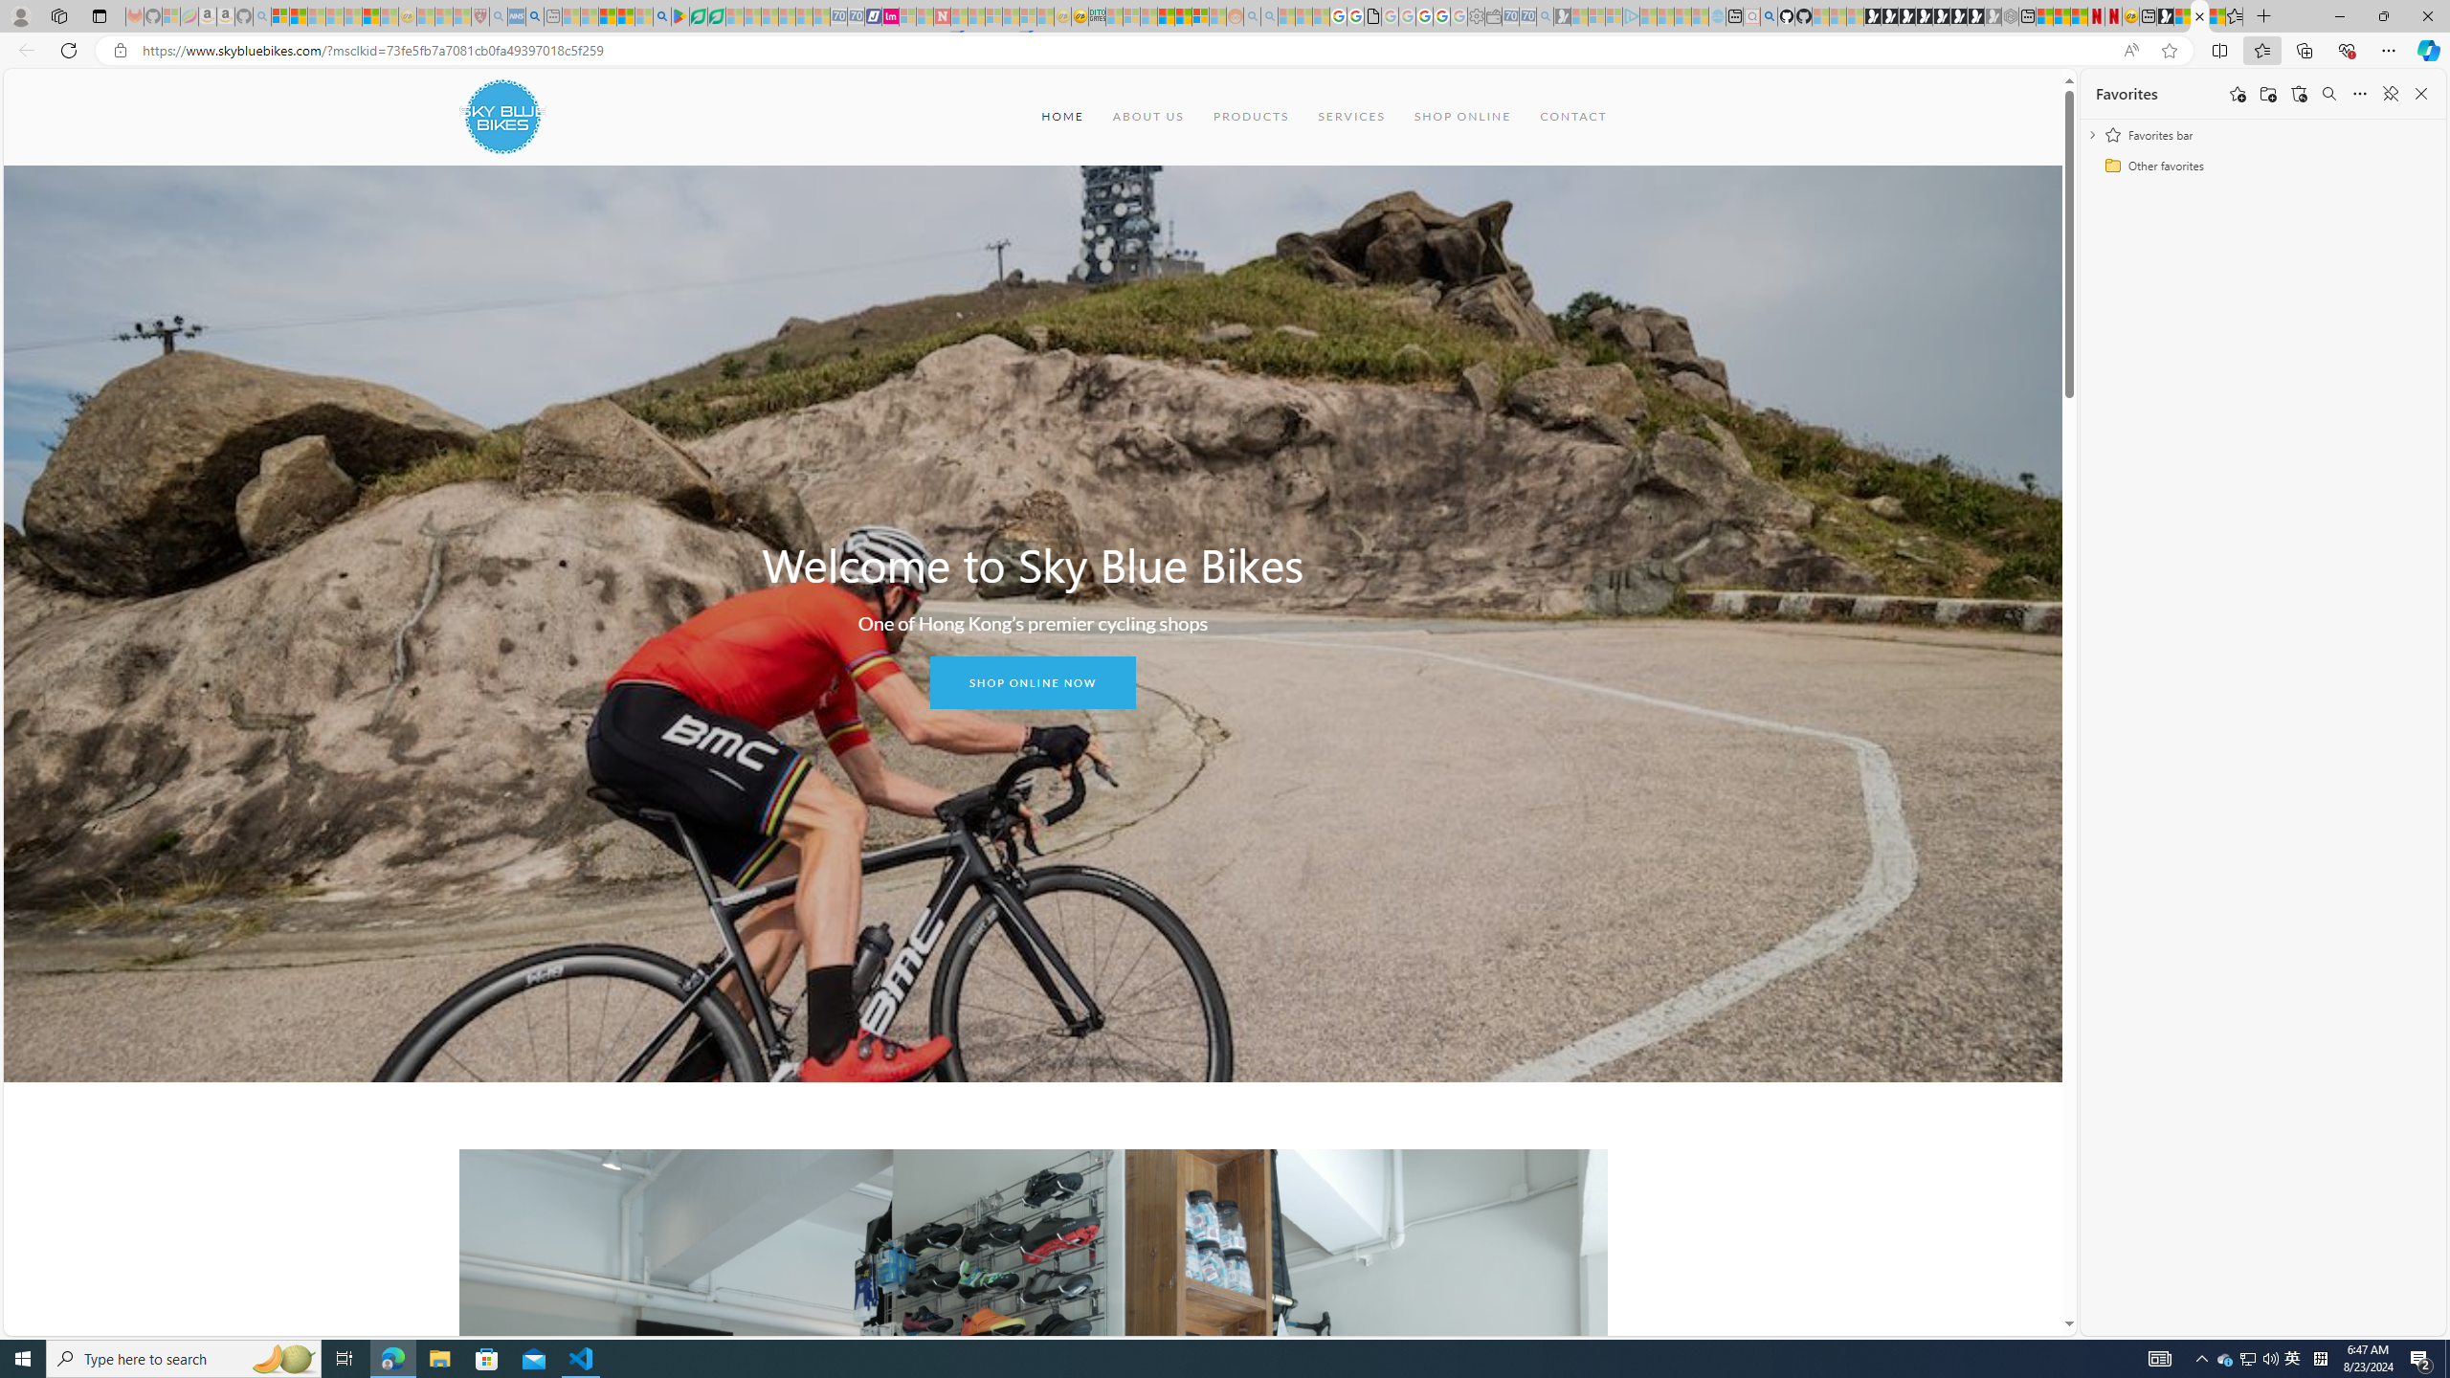 Image resolution: width=2450 pixels, height=1378 pixels. I want to click on 'PRODUCTS', so click(1249, 115).